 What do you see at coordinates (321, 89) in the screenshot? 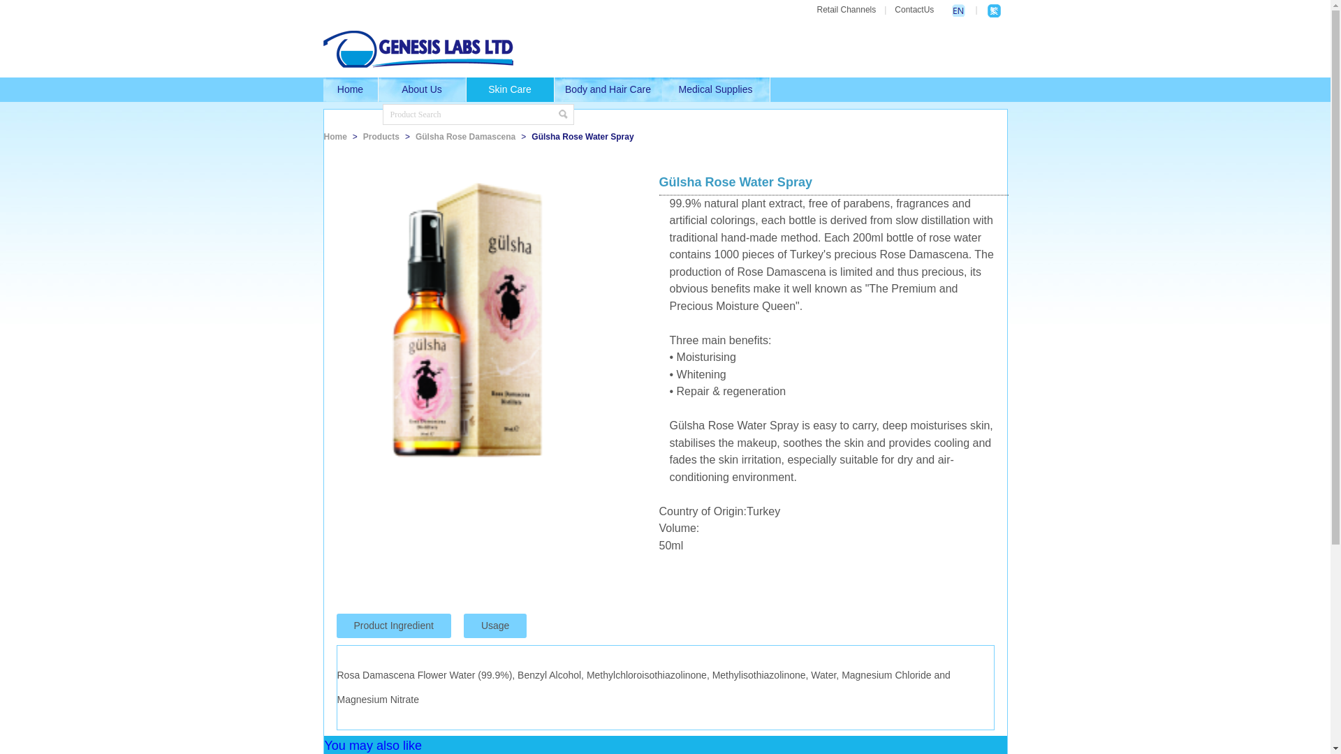
I see `'Home'` at bounding box center [321, 89].